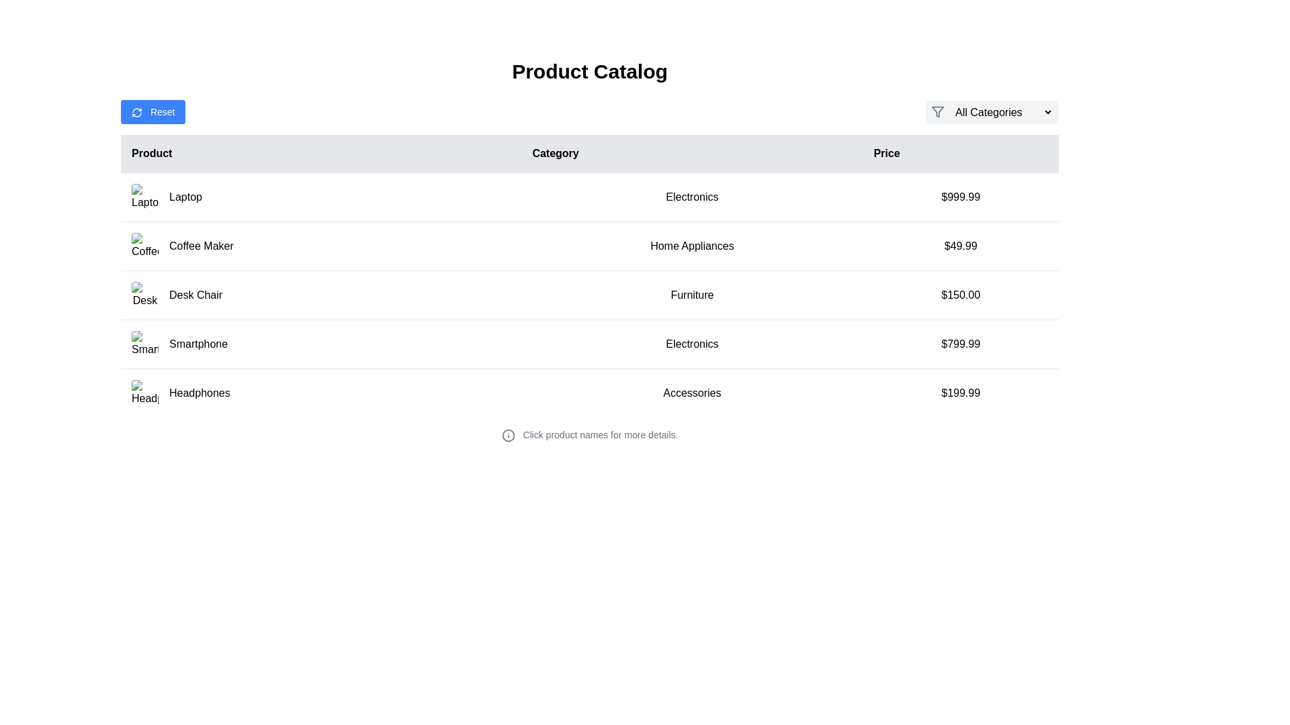  Describe the element at coordinates (145, 294) in the screenshot. I see `the product image representing 'Desk Chair' in the catalog, located in the third row, to enhance user navigation and understanding` at that location.